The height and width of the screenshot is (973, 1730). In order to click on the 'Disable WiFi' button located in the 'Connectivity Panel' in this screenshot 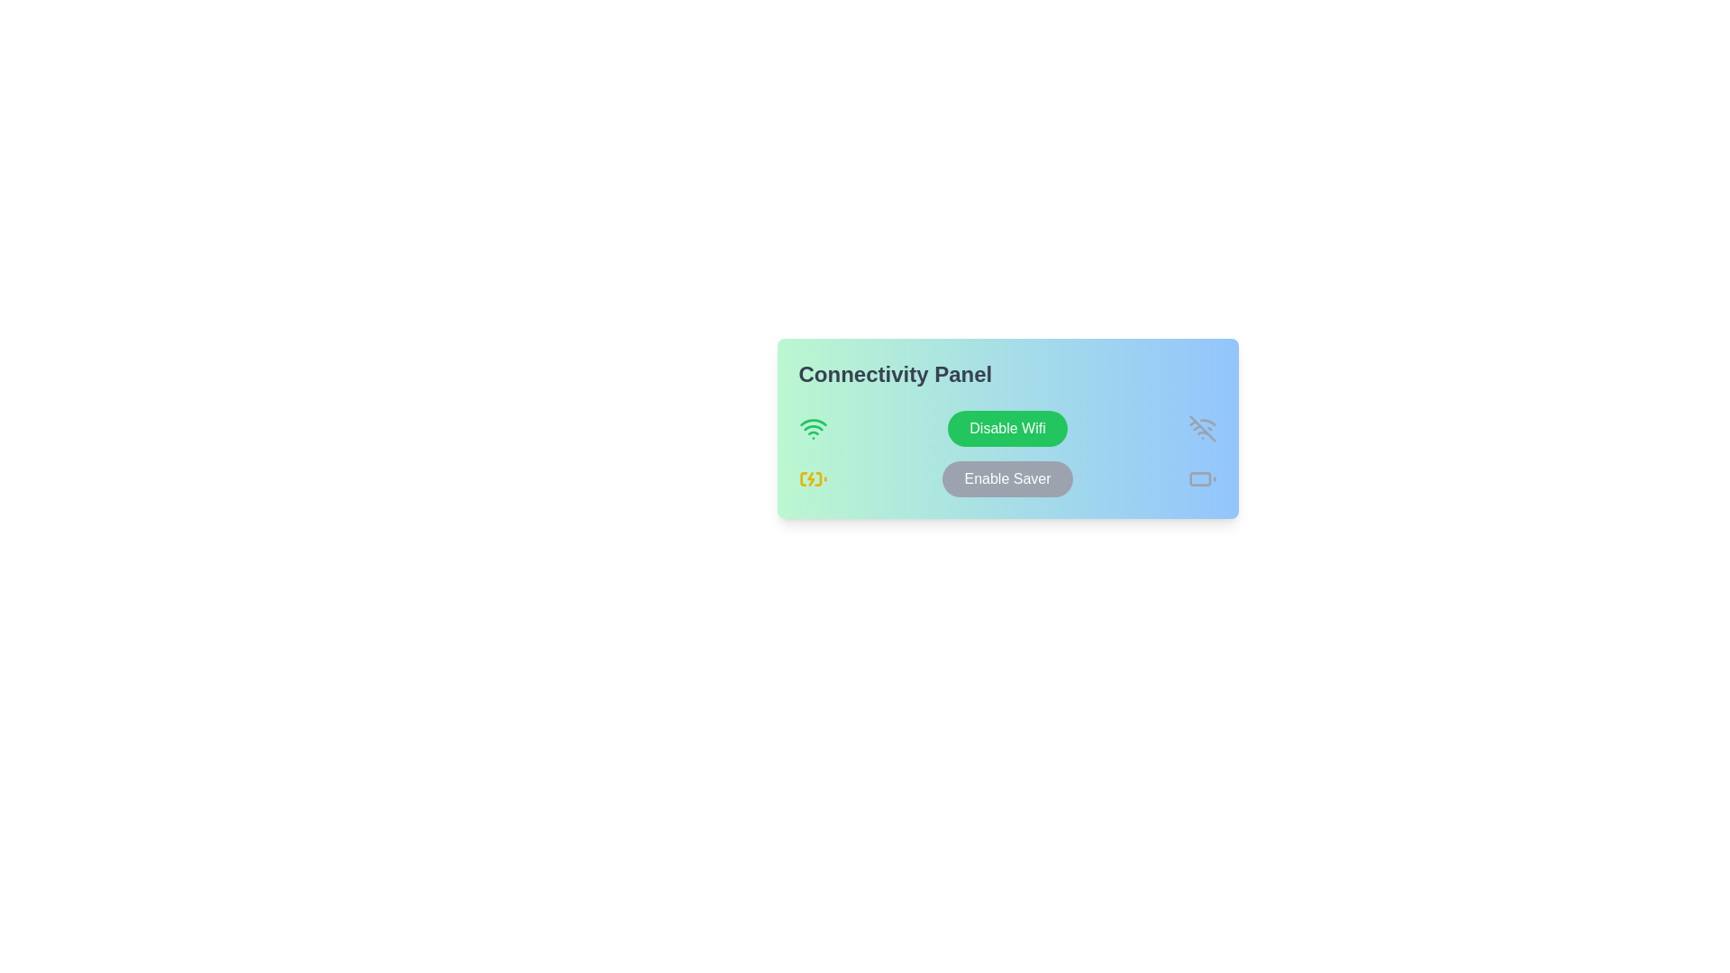, I will do `click(1006, 428)`.